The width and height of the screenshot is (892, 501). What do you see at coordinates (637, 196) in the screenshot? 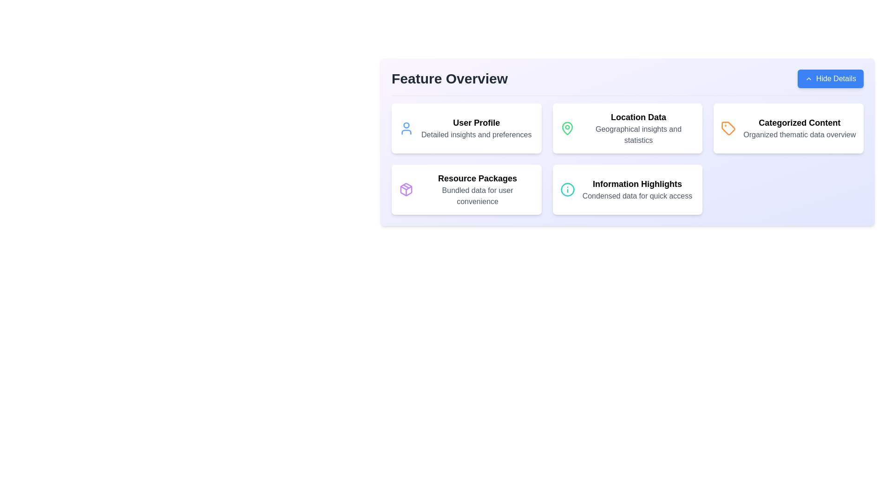
I see `the text label displaying 'Condensed data for quick access' located within the 'Information Highlights' card in the 'Feature Overview' section` at bounding box center [637, 196].